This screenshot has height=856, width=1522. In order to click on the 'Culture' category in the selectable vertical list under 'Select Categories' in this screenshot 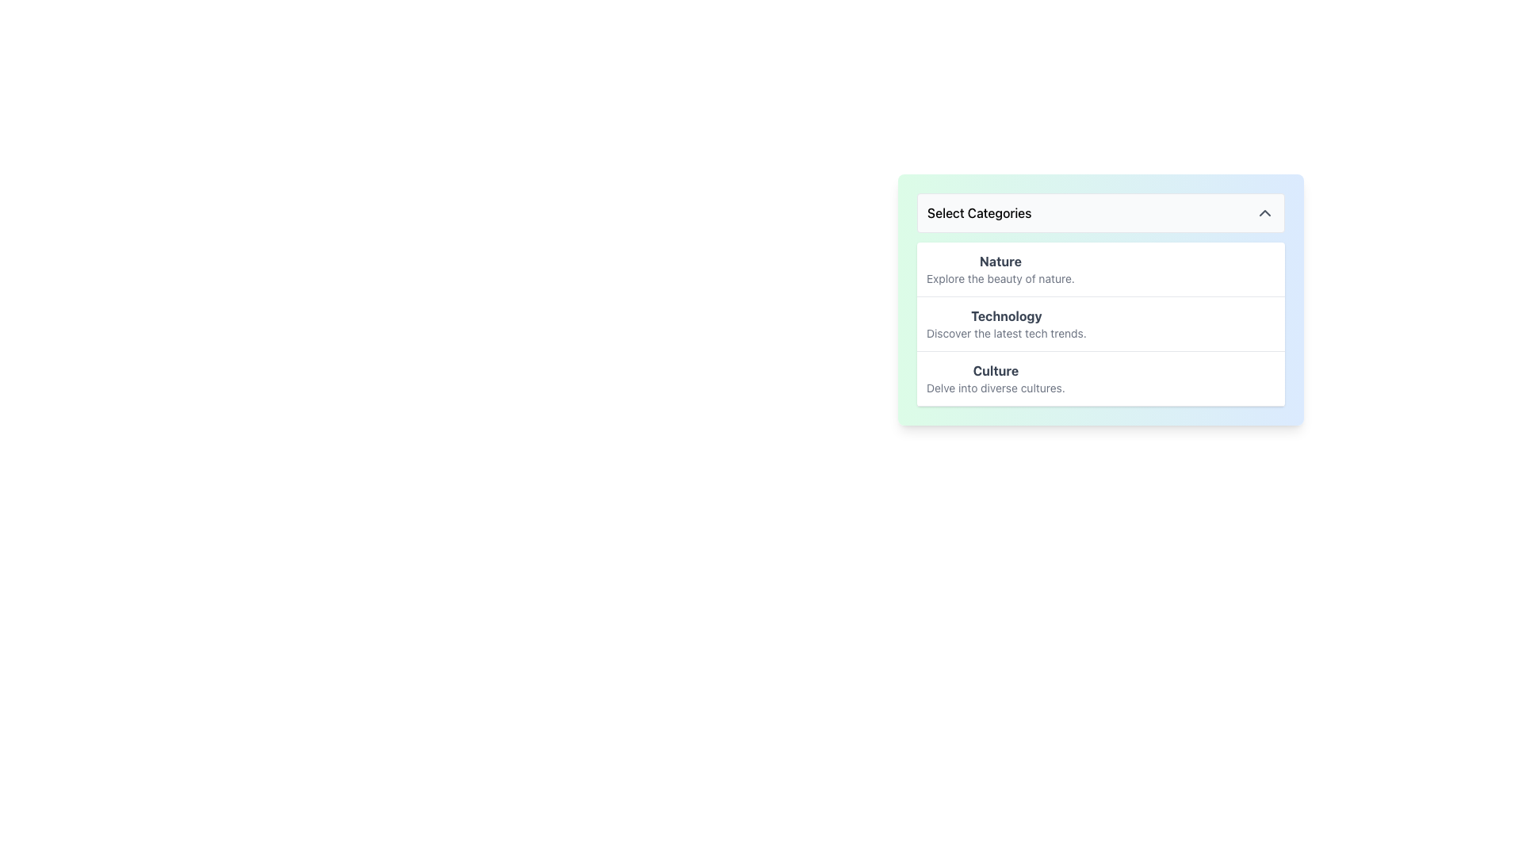, I will do `click(995, 379)`.